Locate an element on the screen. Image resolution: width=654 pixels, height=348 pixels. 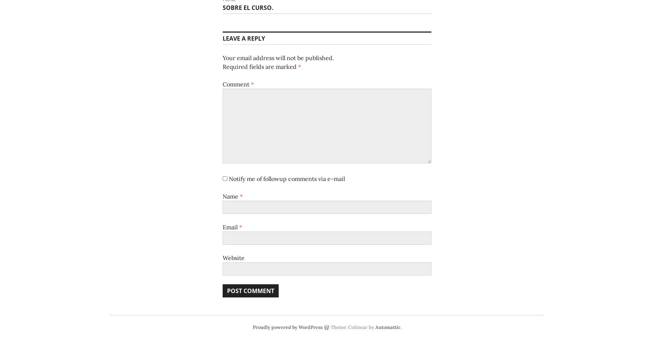
'Proudly powered by WordPress' is located at coordinates (252, 327).